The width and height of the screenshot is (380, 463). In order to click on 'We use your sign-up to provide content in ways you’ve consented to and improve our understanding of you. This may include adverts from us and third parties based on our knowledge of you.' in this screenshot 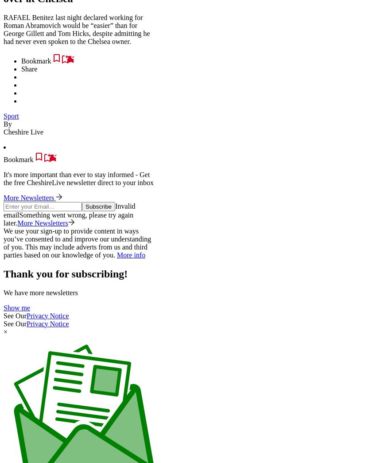, I will do `click(77, 242)`.